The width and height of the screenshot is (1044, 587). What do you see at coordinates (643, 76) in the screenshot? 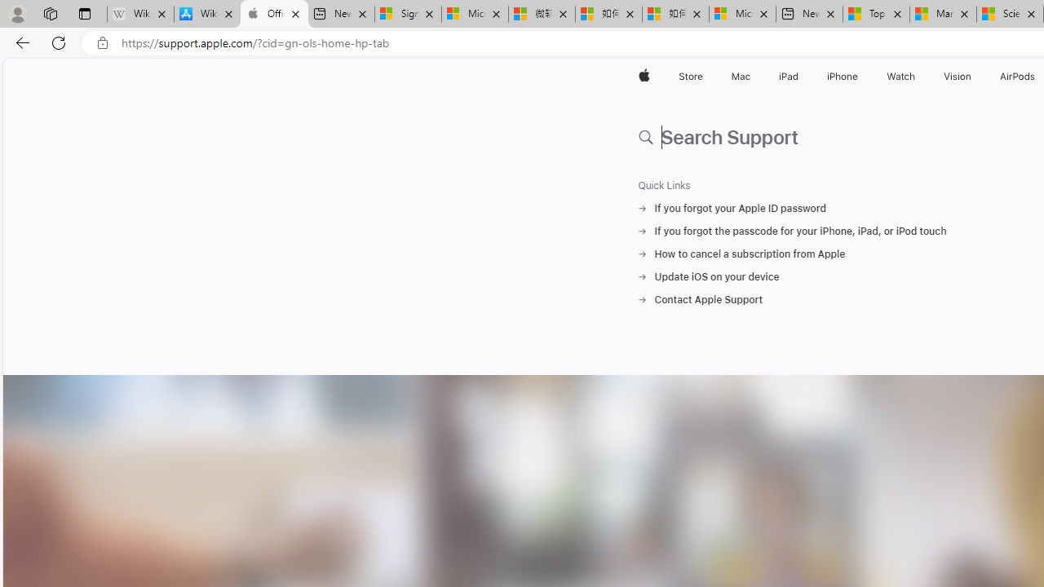
I see `'Apple'` at bounding box center [643, 76].